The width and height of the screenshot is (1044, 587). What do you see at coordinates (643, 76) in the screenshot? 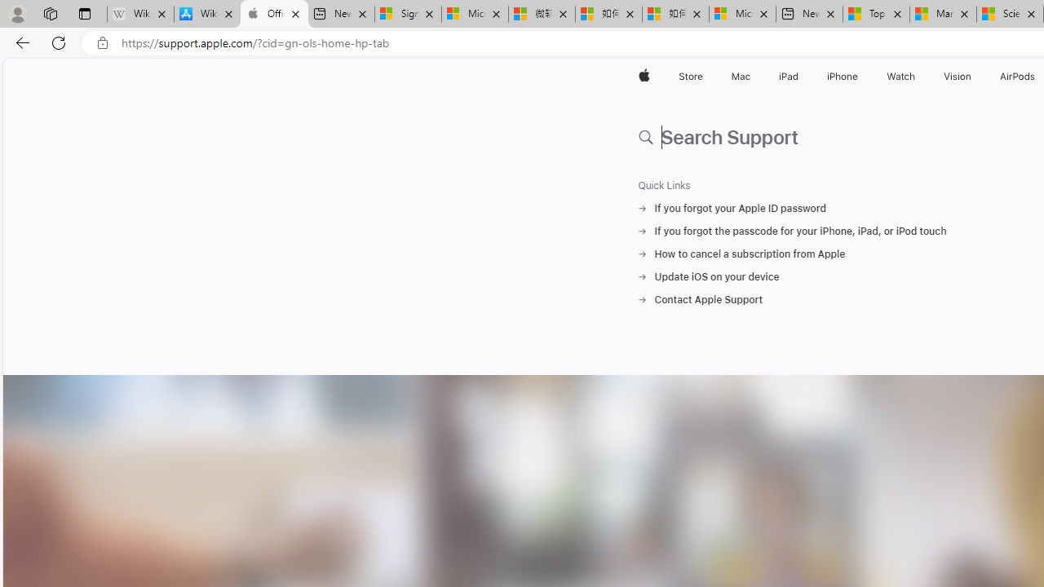
I see `'Apple'` at bounding box center [643, 76].